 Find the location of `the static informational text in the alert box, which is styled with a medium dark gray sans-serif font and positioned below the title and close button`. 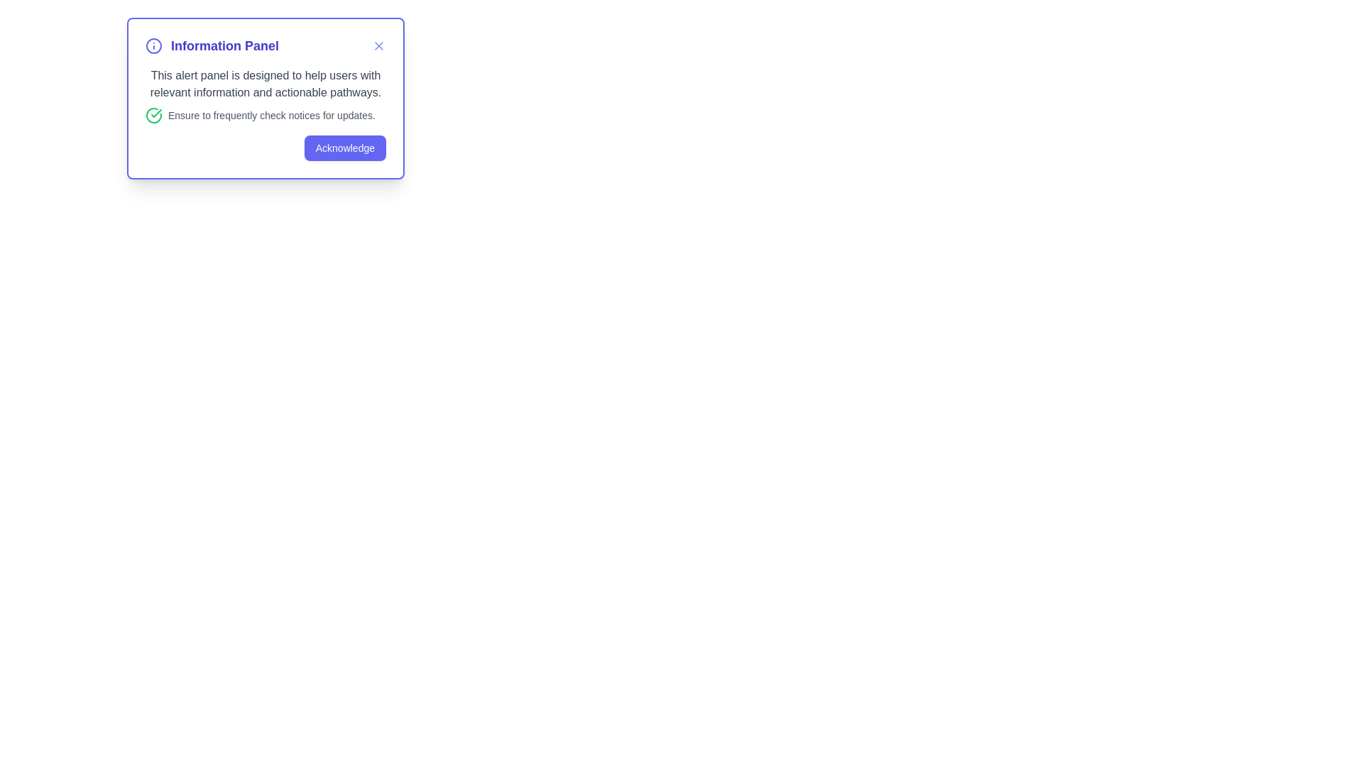

the static informational text in the alert box, which is styled with a medium dark gray sans-serif font and positioned below the title and close button is located at coordinates (266, 84).